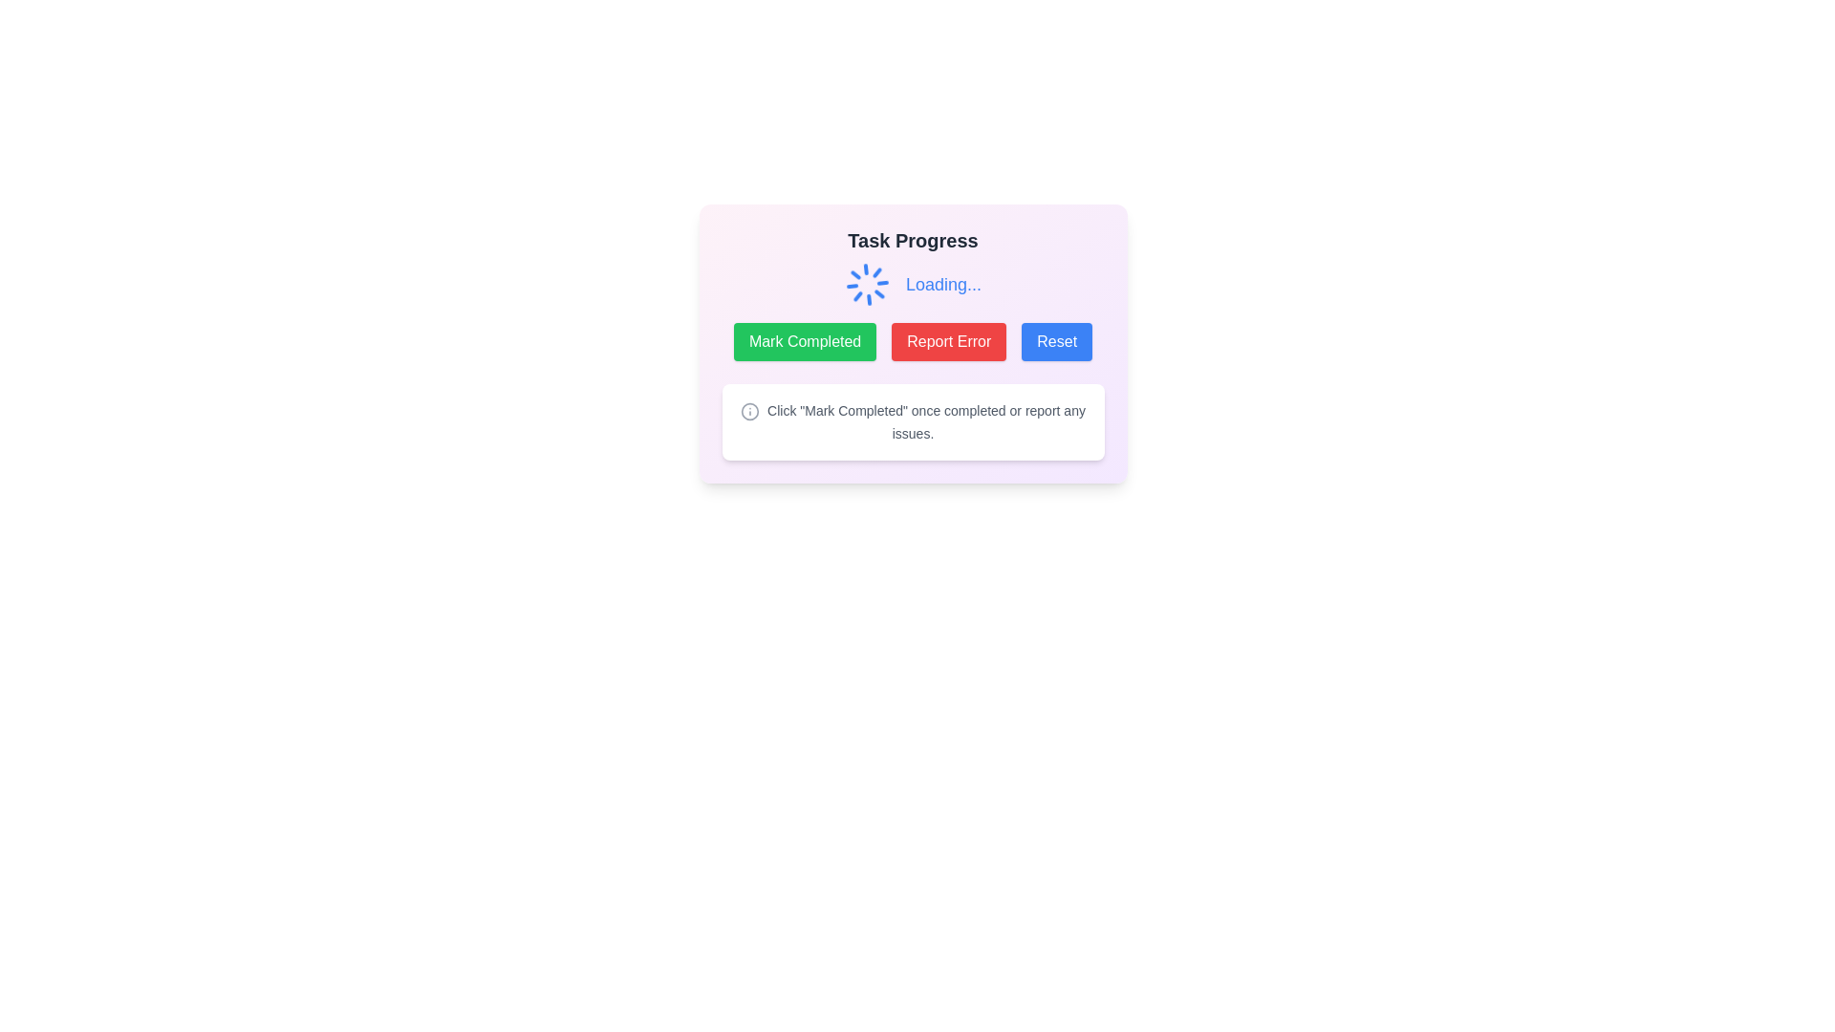  What do you see at coordinates (949, 341) in the screenshot?
I see `the report issue button using keyboard navigation` at bounding box center [949, 341].